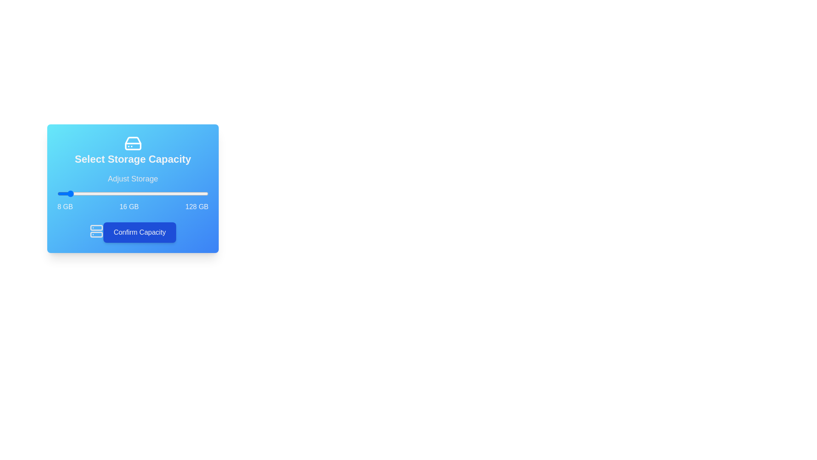 The height and width of the screenshot is (460, 817). Describe the element at coordinates (140, 233) in the screenshot. I see `the 'Confirm Capacity' button` at that location.